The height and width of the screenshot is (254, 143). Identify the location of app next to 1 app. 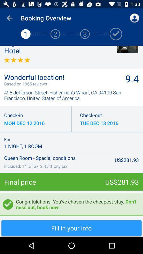
(10, 18).